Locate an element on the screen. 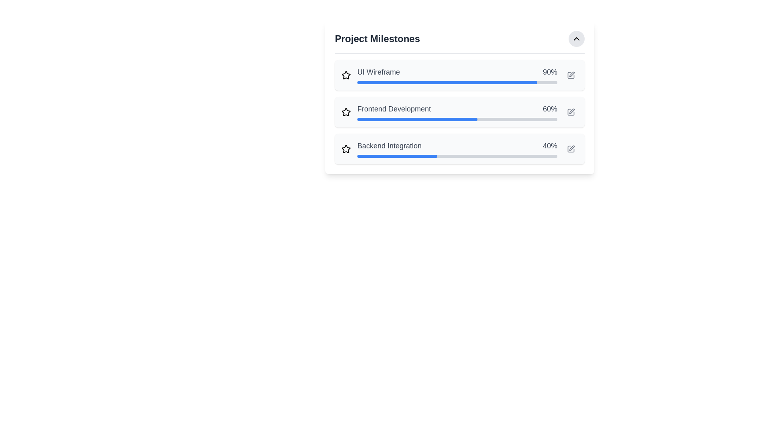 The image size is (771, 433). the edit button located at the top right of the progress bar area within the 'Frontend Development' card is located at coordinates (570, 112).